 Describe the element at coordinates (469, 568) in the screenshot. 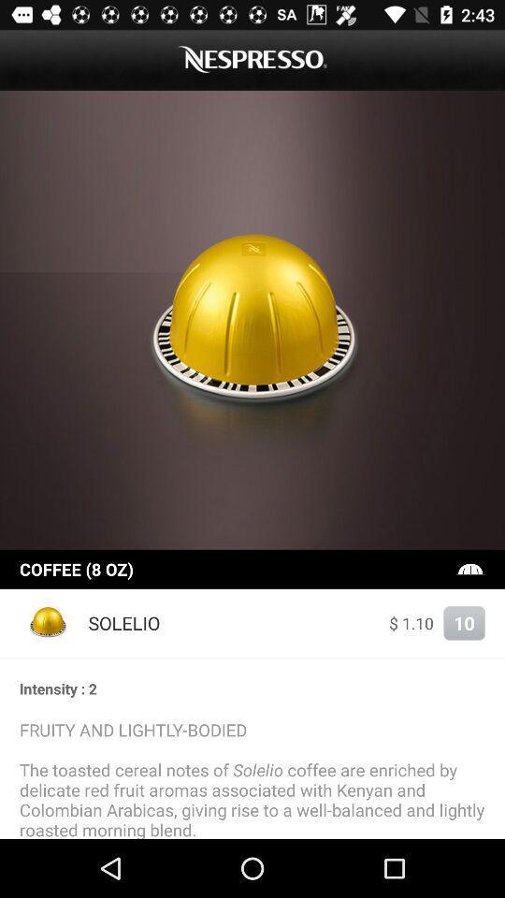

I see `icon next to the coffee (8 oz)` at that location.